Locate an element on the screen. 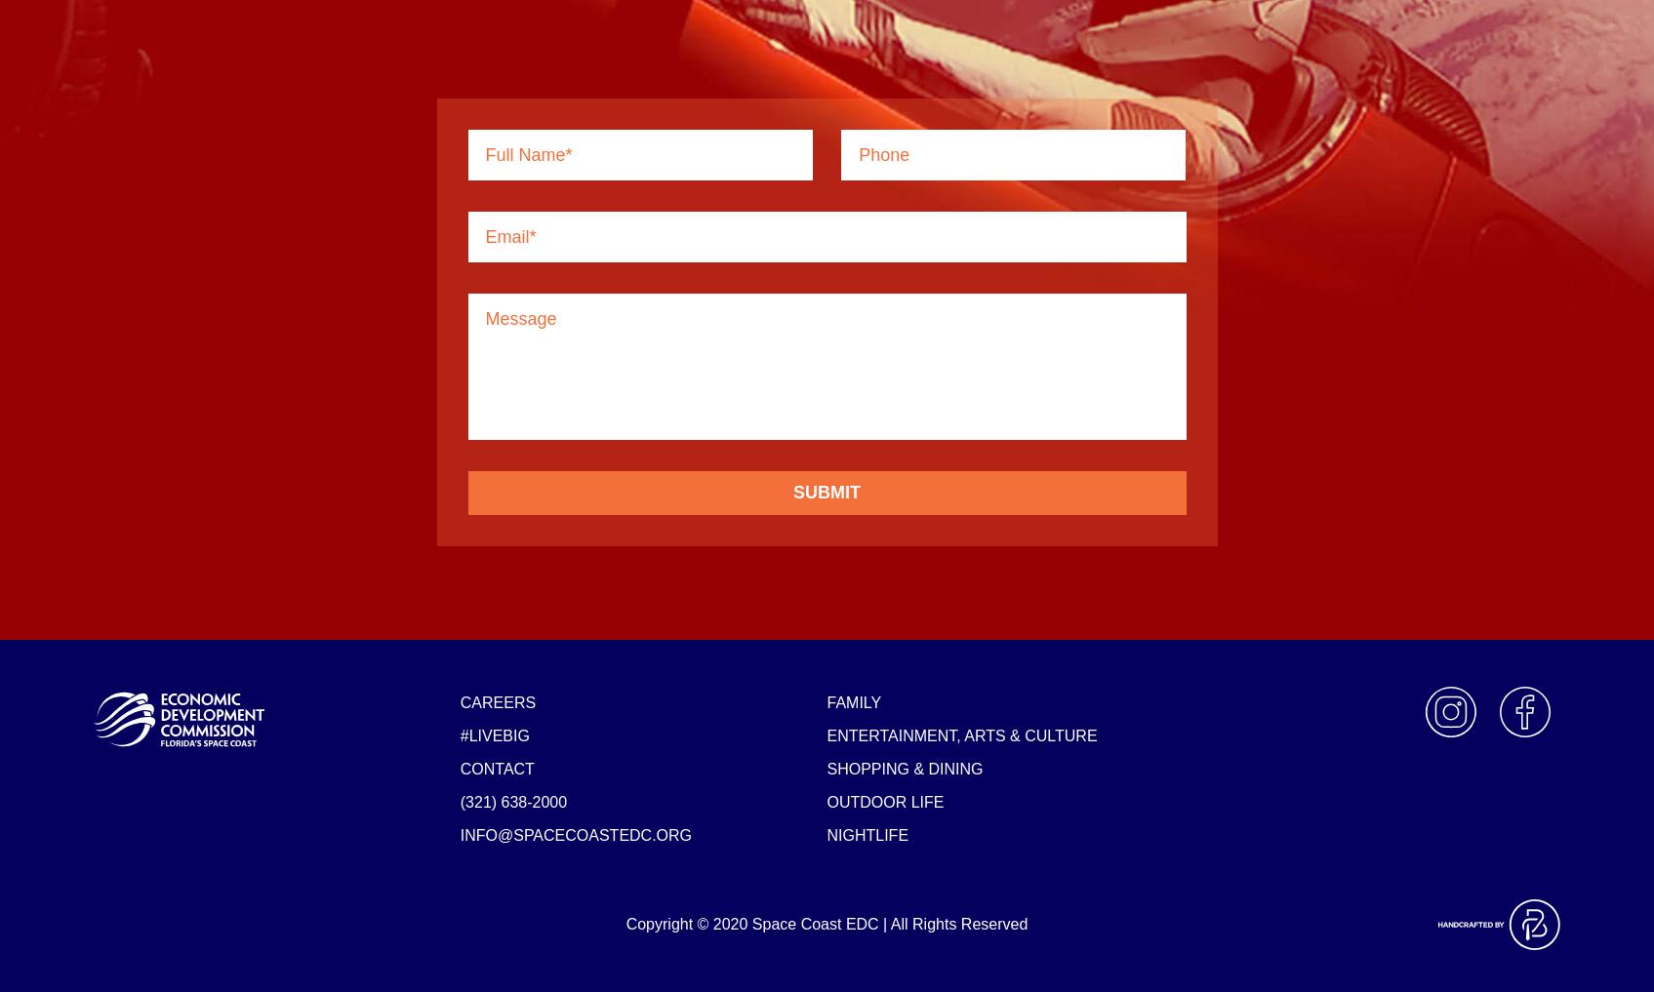 Image resolution: width=1654 pixels, height=992 pixels. 'Family' is located at coordinates (826, 700).